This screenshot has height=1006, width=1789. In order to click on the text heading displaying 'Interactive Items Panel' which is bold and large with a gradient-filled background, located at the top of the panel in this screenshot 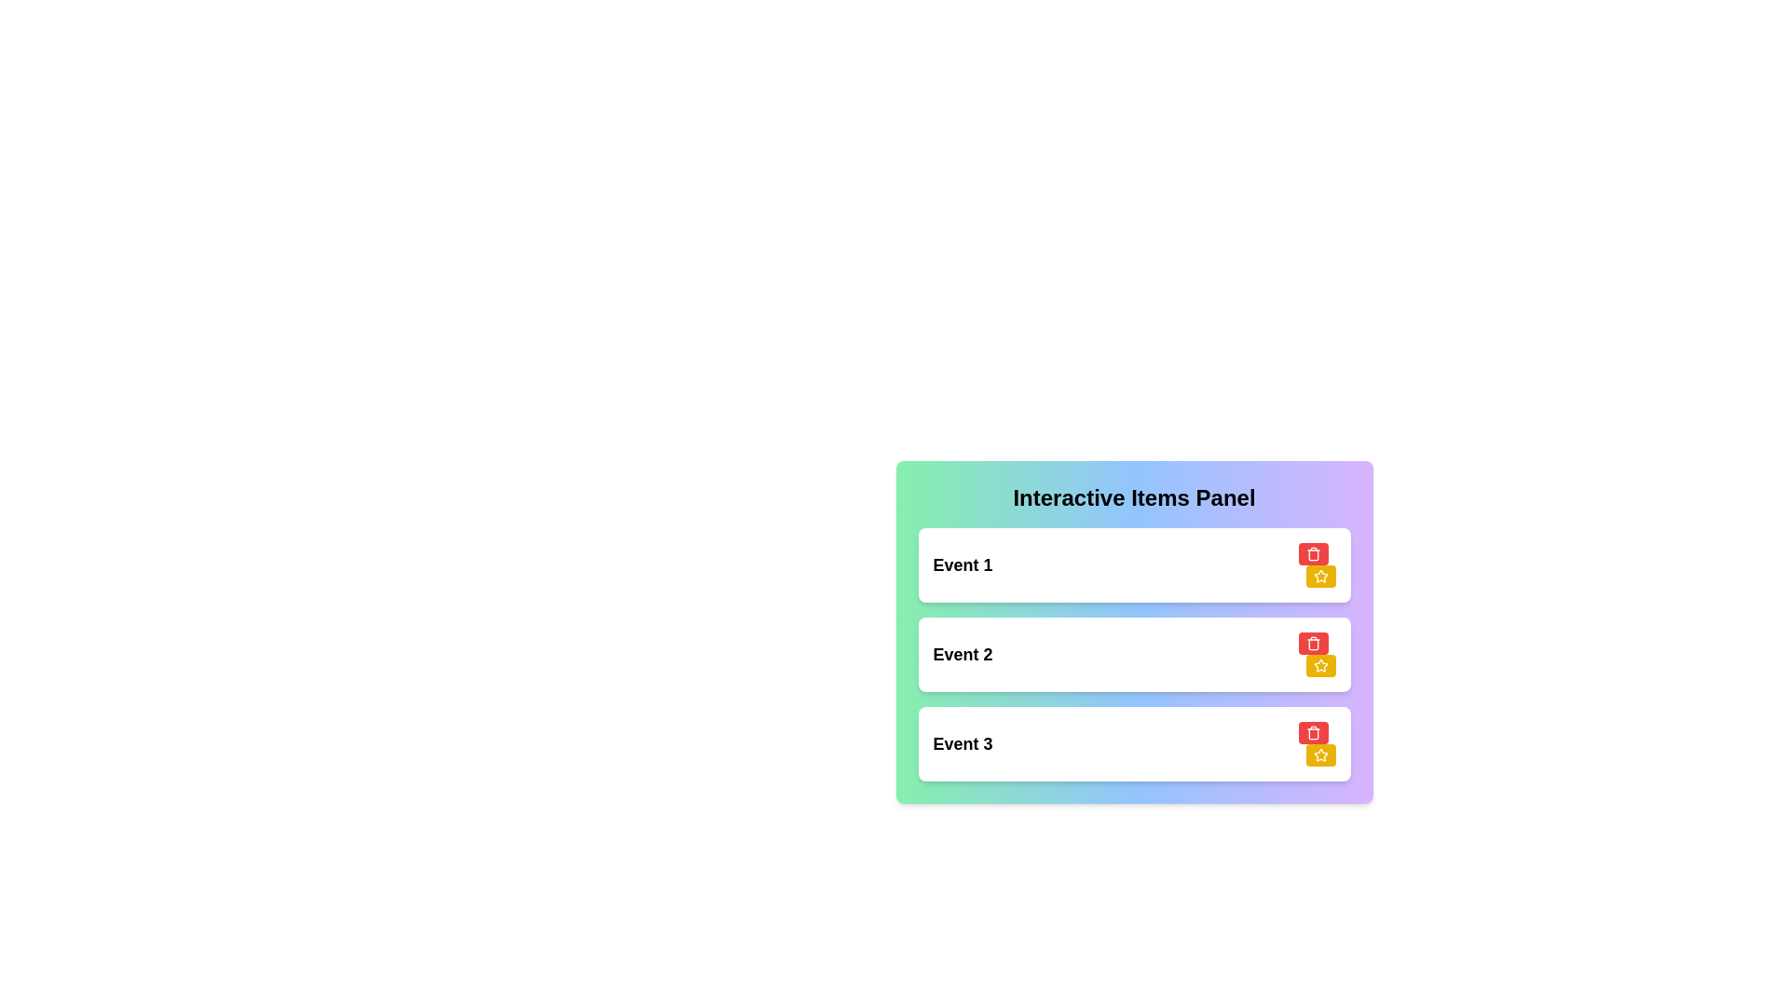, I will do `click(1133, 497)`.